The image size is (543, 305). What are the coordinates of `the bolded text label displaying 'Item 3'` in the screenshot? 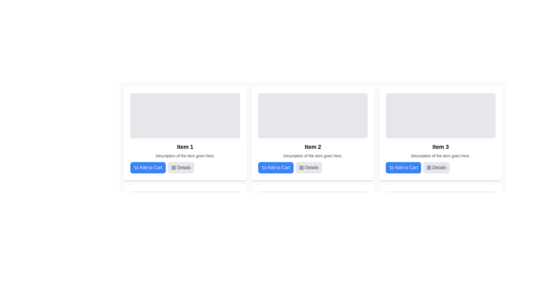 It's located at (440, 147).